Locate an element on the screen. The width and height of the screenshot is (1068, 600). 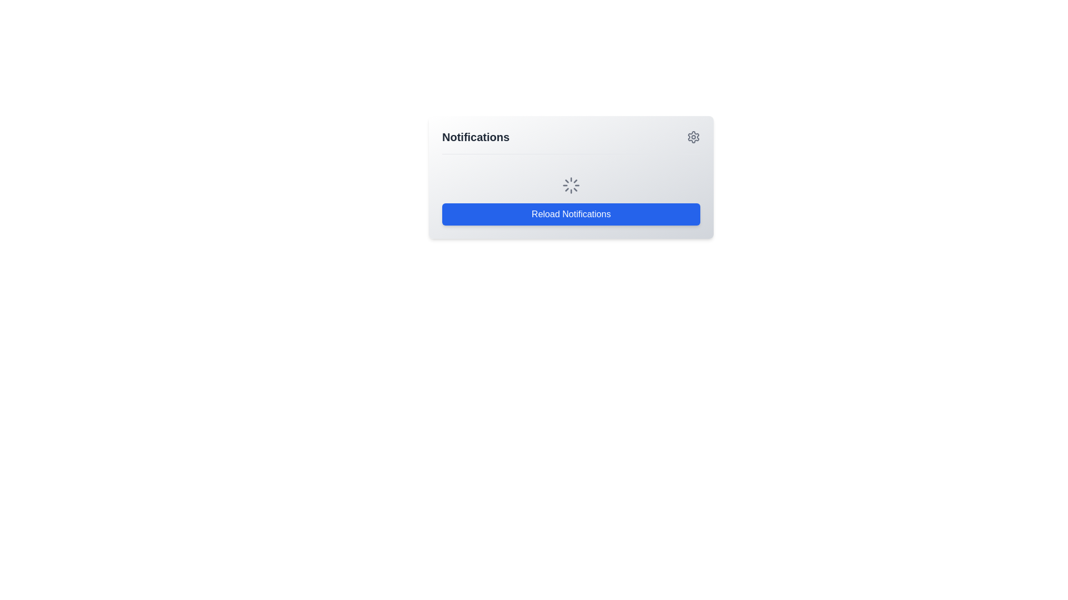
the spinning motion of the Loader icon located beneath the 'Notifications' header and above the 'Reload Notifications' button, which visually indicates an ongoing loading or processing operation is located at coordinates (571, 177).